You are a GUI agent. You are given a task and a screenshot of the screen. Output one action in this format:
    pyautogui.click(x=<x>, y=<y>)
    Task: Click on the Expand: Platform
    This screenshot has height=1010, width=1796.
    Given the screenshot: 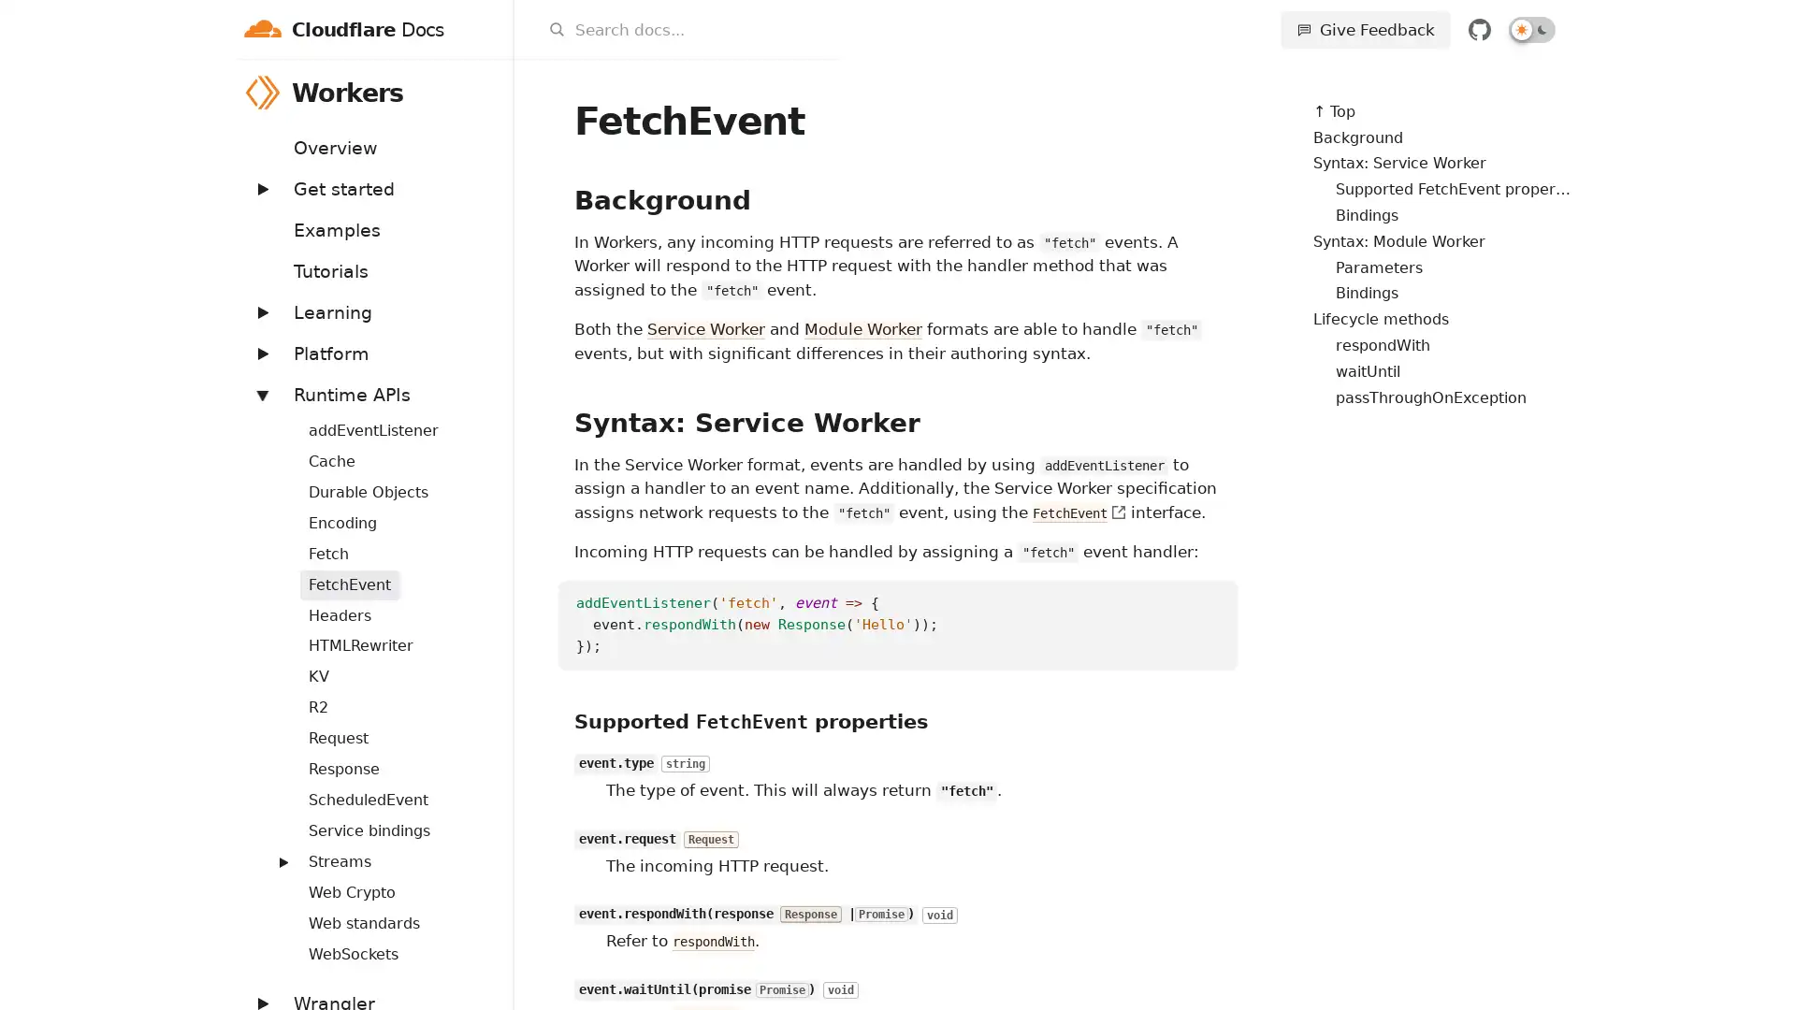 What is the action you would take?
    pyautogui.click(x=260, y=353)
    